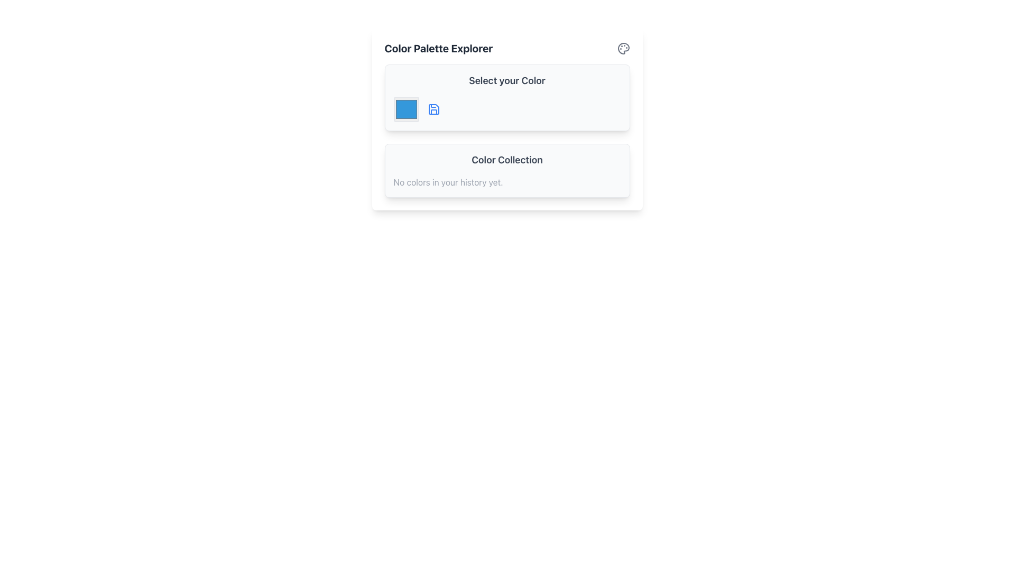 The width and height of the screenshot is (1015, 571). What do you see at coordinates (405, 109) in the screenshot?
I see `the Color Picker or Display Box` at bounding box center [405, 109].